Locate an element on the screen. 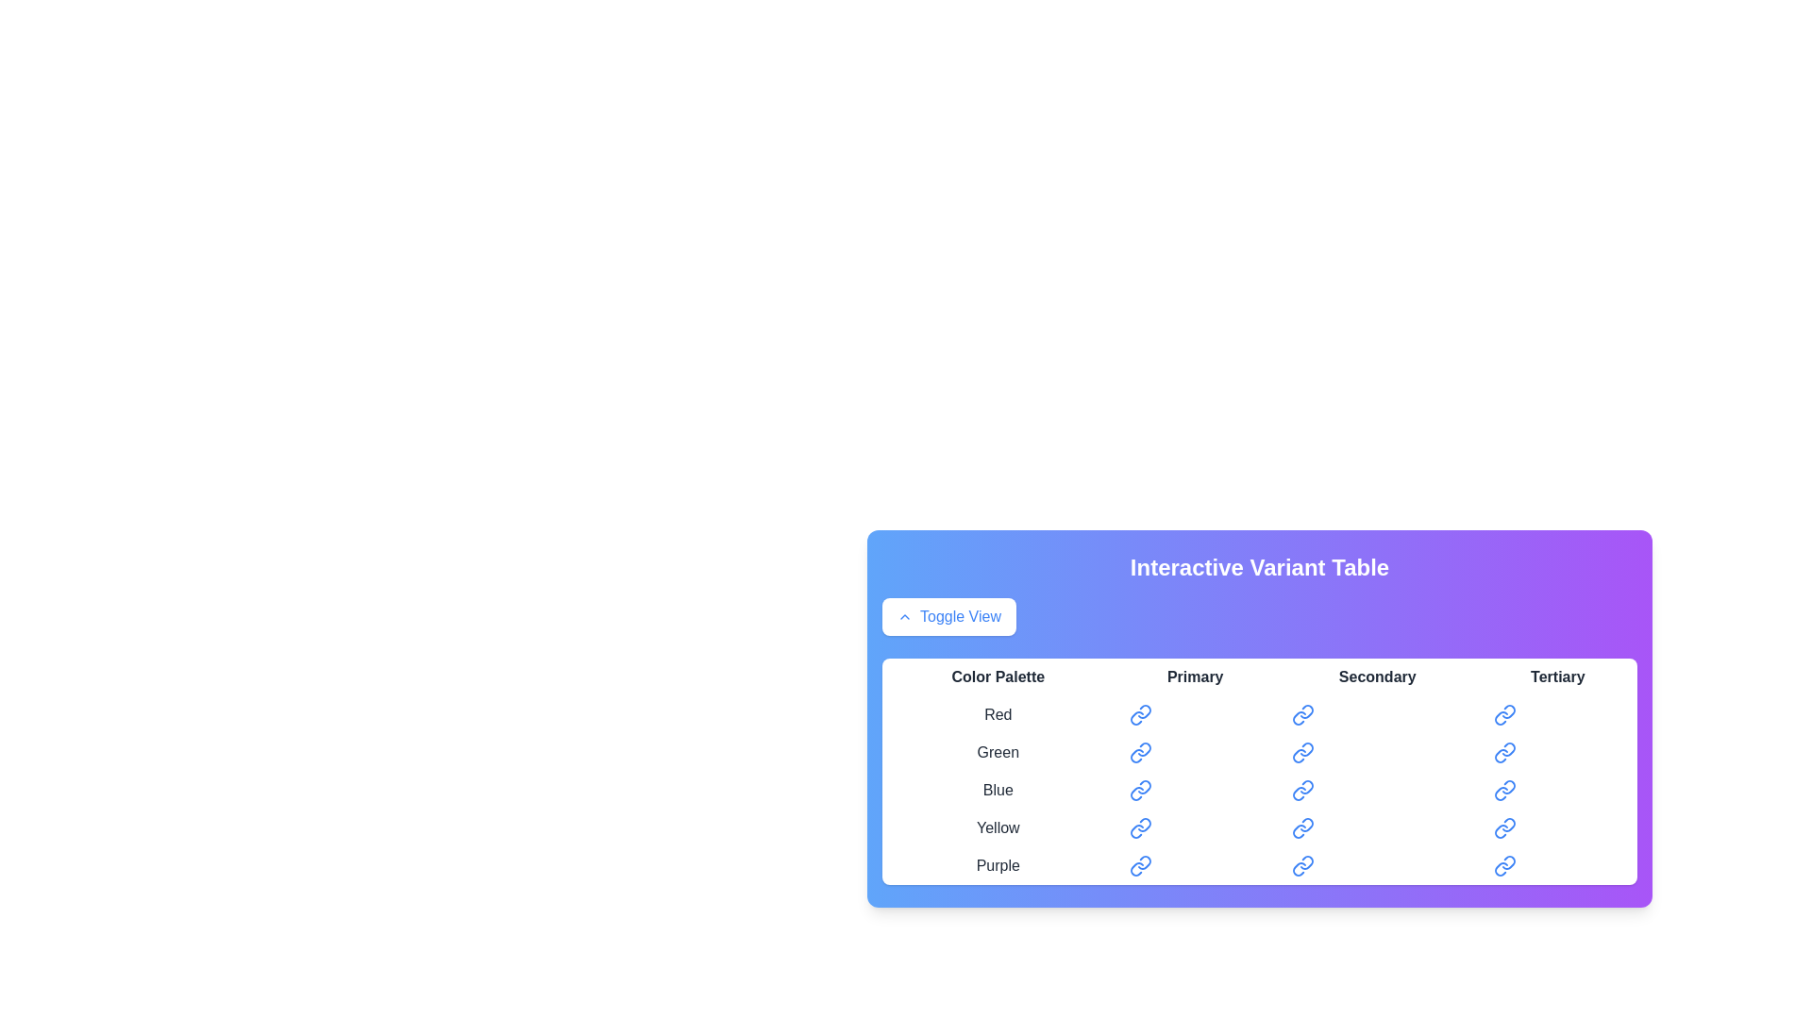 This screenshot has height=1019, width=1812. the Text label with an associated visual icon in the third cell of the 'Red' color row under the 'Secondary' column header is located at coordinates (1377, 715).